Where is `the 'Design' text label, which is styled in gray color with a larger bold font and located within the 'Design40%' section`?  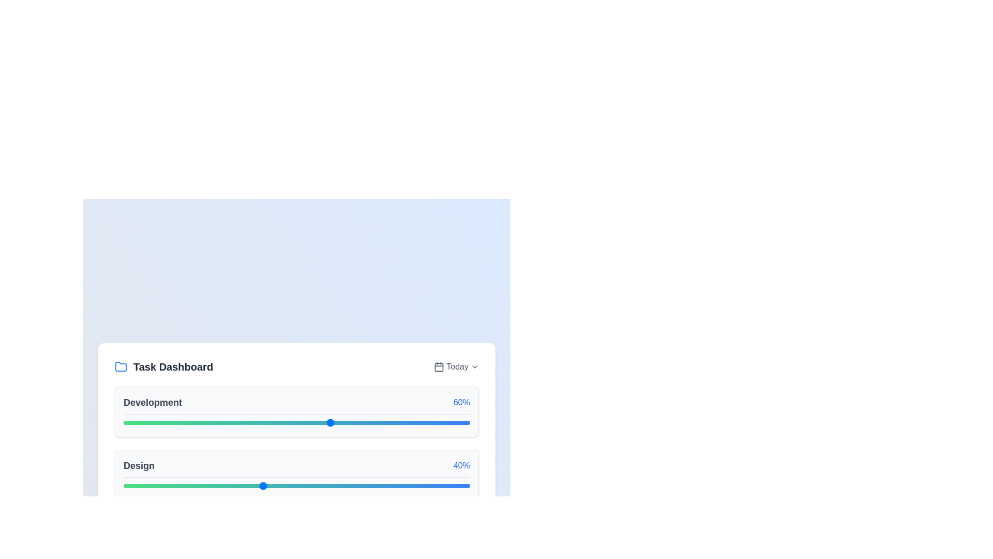 the 'Design' text label, which is styled in gray color with a larger bold font and located within the 'Design40%' section is located at coordinates (138, 465).